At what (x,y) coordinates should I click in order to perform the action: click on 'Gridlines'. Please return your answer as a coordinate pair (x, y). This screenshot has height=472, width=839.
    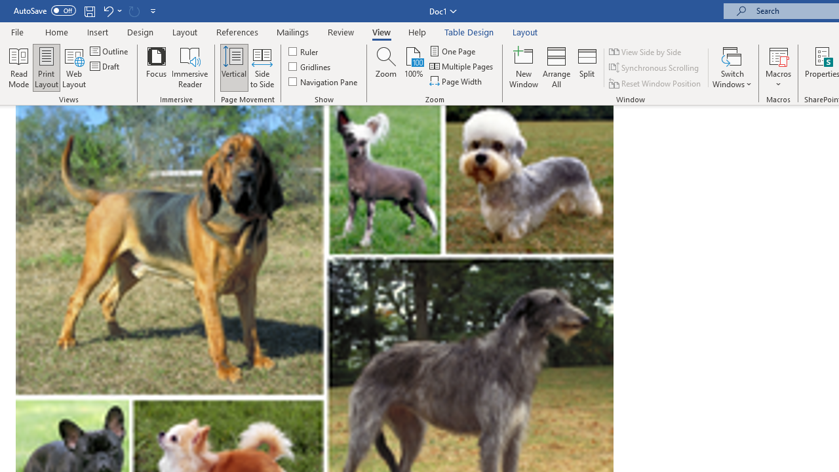
    Looking at the image, I should click on (309, 66).